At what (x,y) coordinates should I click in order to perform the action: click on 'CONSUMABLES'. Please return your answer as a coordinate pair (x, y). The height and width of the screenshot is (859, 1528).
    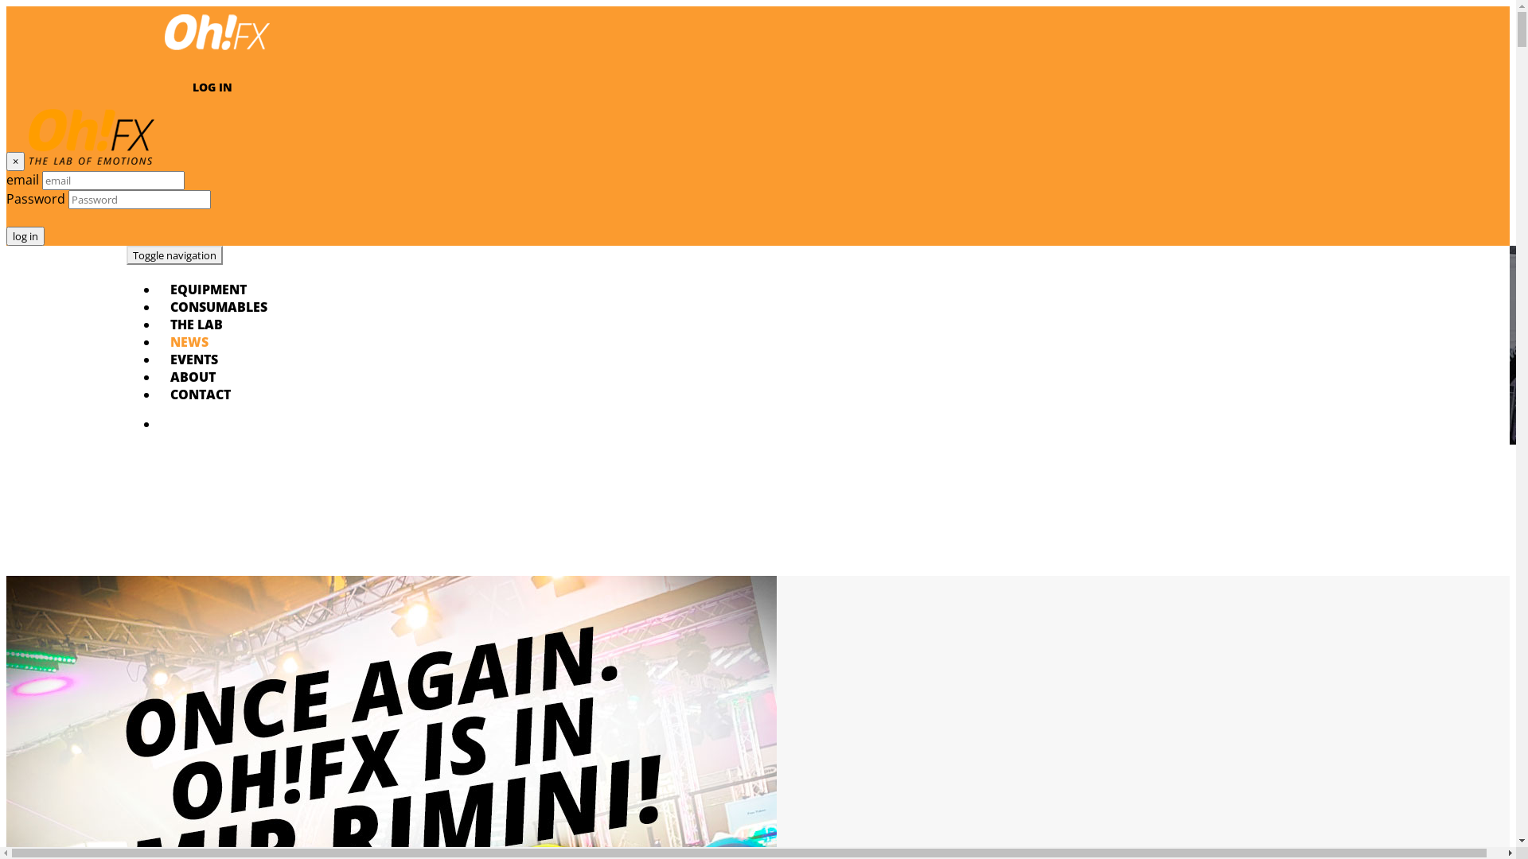
    Looking at the image, I should click on (217, 306).